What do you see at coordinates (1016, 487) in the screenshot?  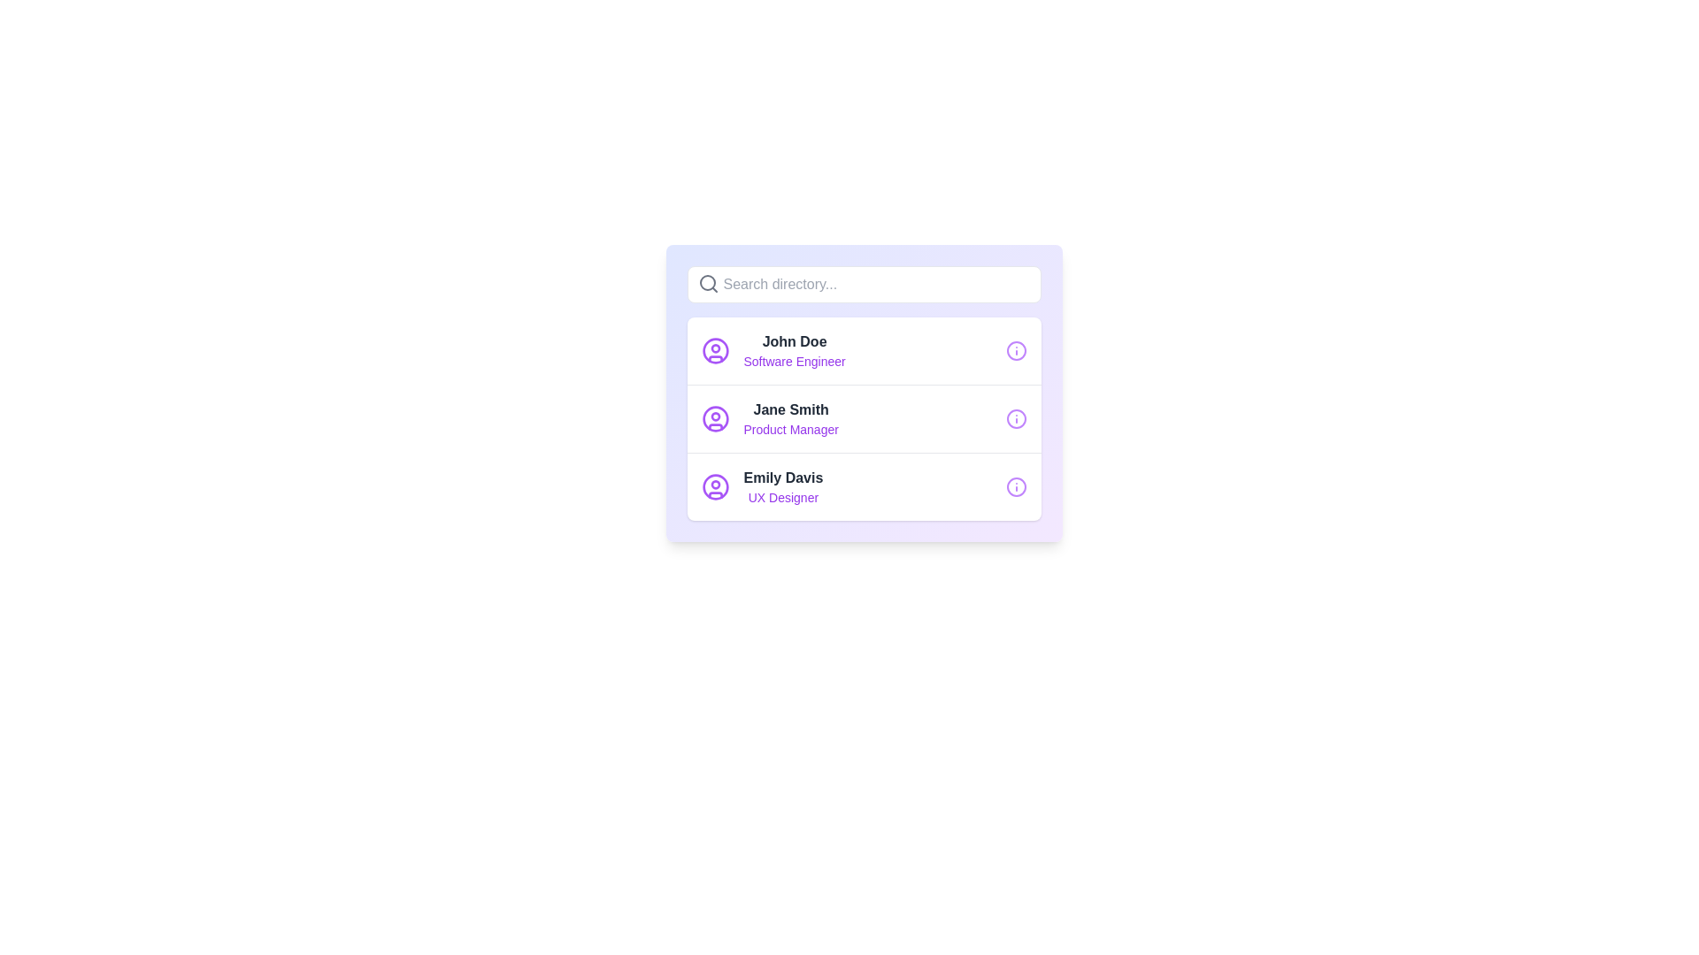 I see `the SVG Circle element, which is a circular shape with a purple outline located to the right of 'Emily Davis, UX Designer' in the profile list` at bounding box center [1016, 487].